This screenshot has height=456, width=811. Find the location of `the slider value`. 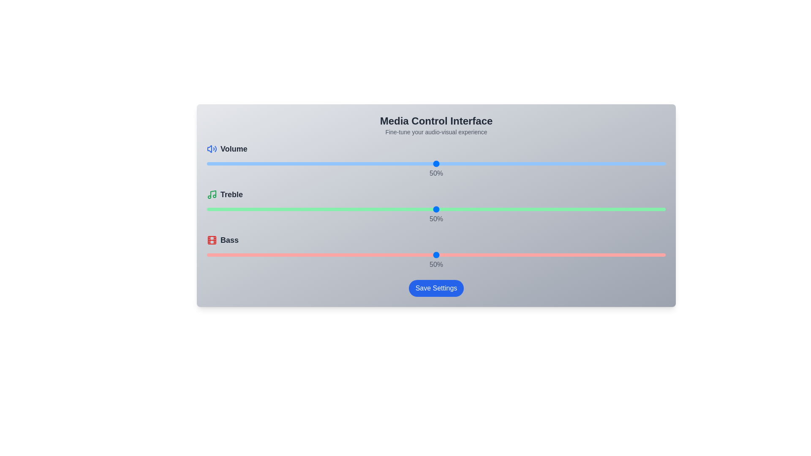

the slider value is located at coordinates (624, 164).